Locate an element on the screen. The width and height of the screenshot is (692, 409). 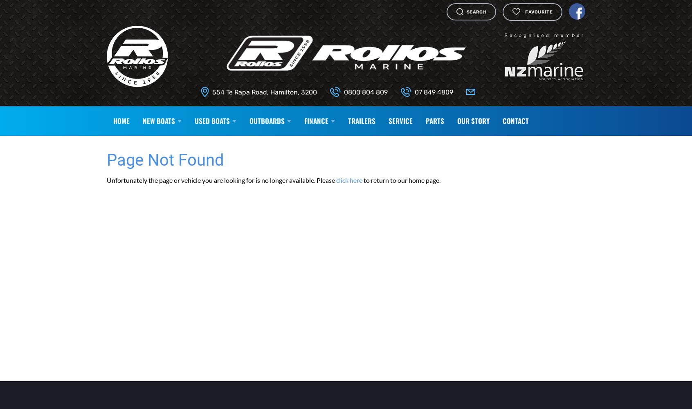
'07 849 4809' is located at coordinates (414, 92).